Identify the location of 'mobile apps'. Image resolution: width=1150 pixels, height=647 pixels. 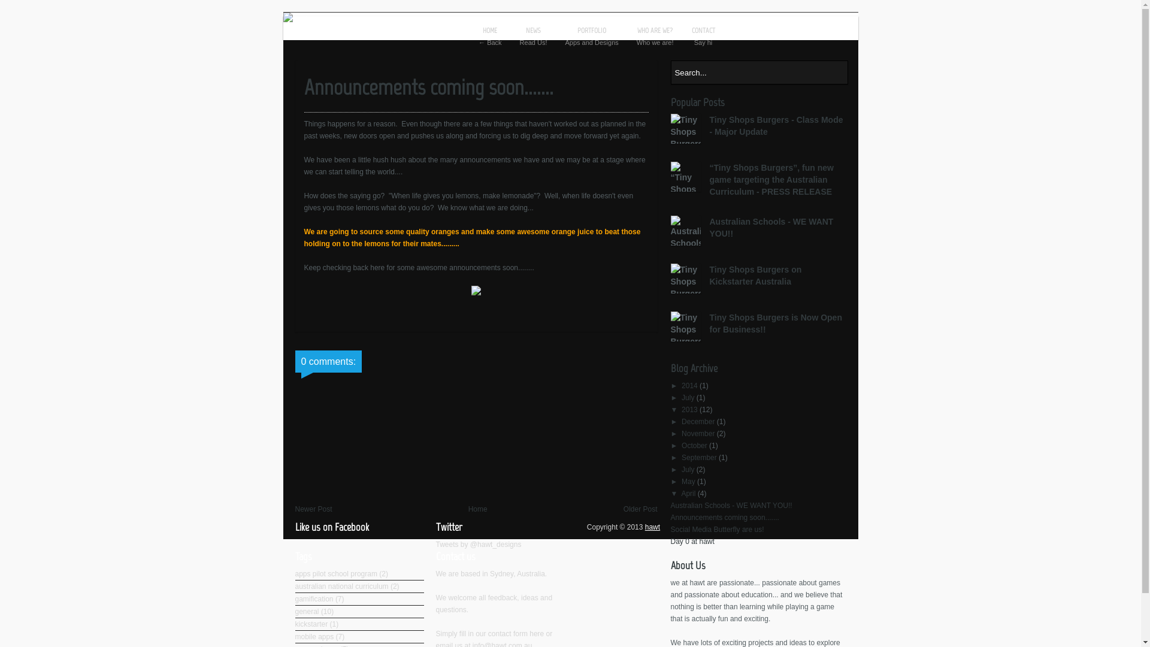
(294, 636).